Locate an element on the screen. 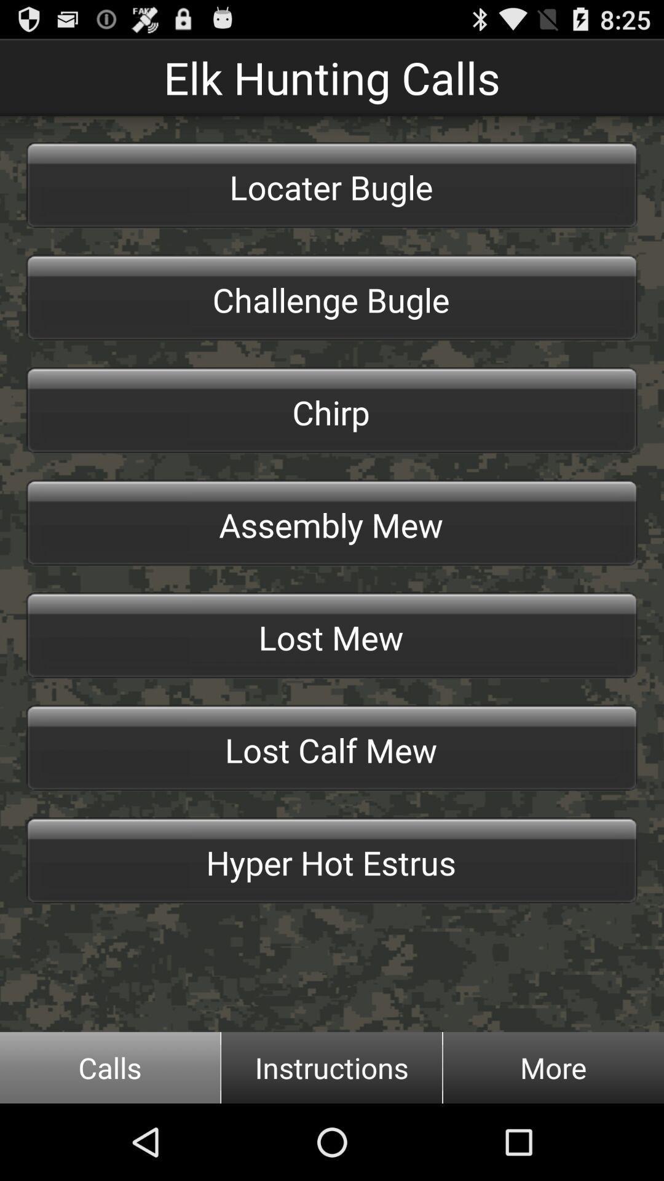 The image size is (664, 1181). hyper hot estrus item is located at coordinates (332, 860).